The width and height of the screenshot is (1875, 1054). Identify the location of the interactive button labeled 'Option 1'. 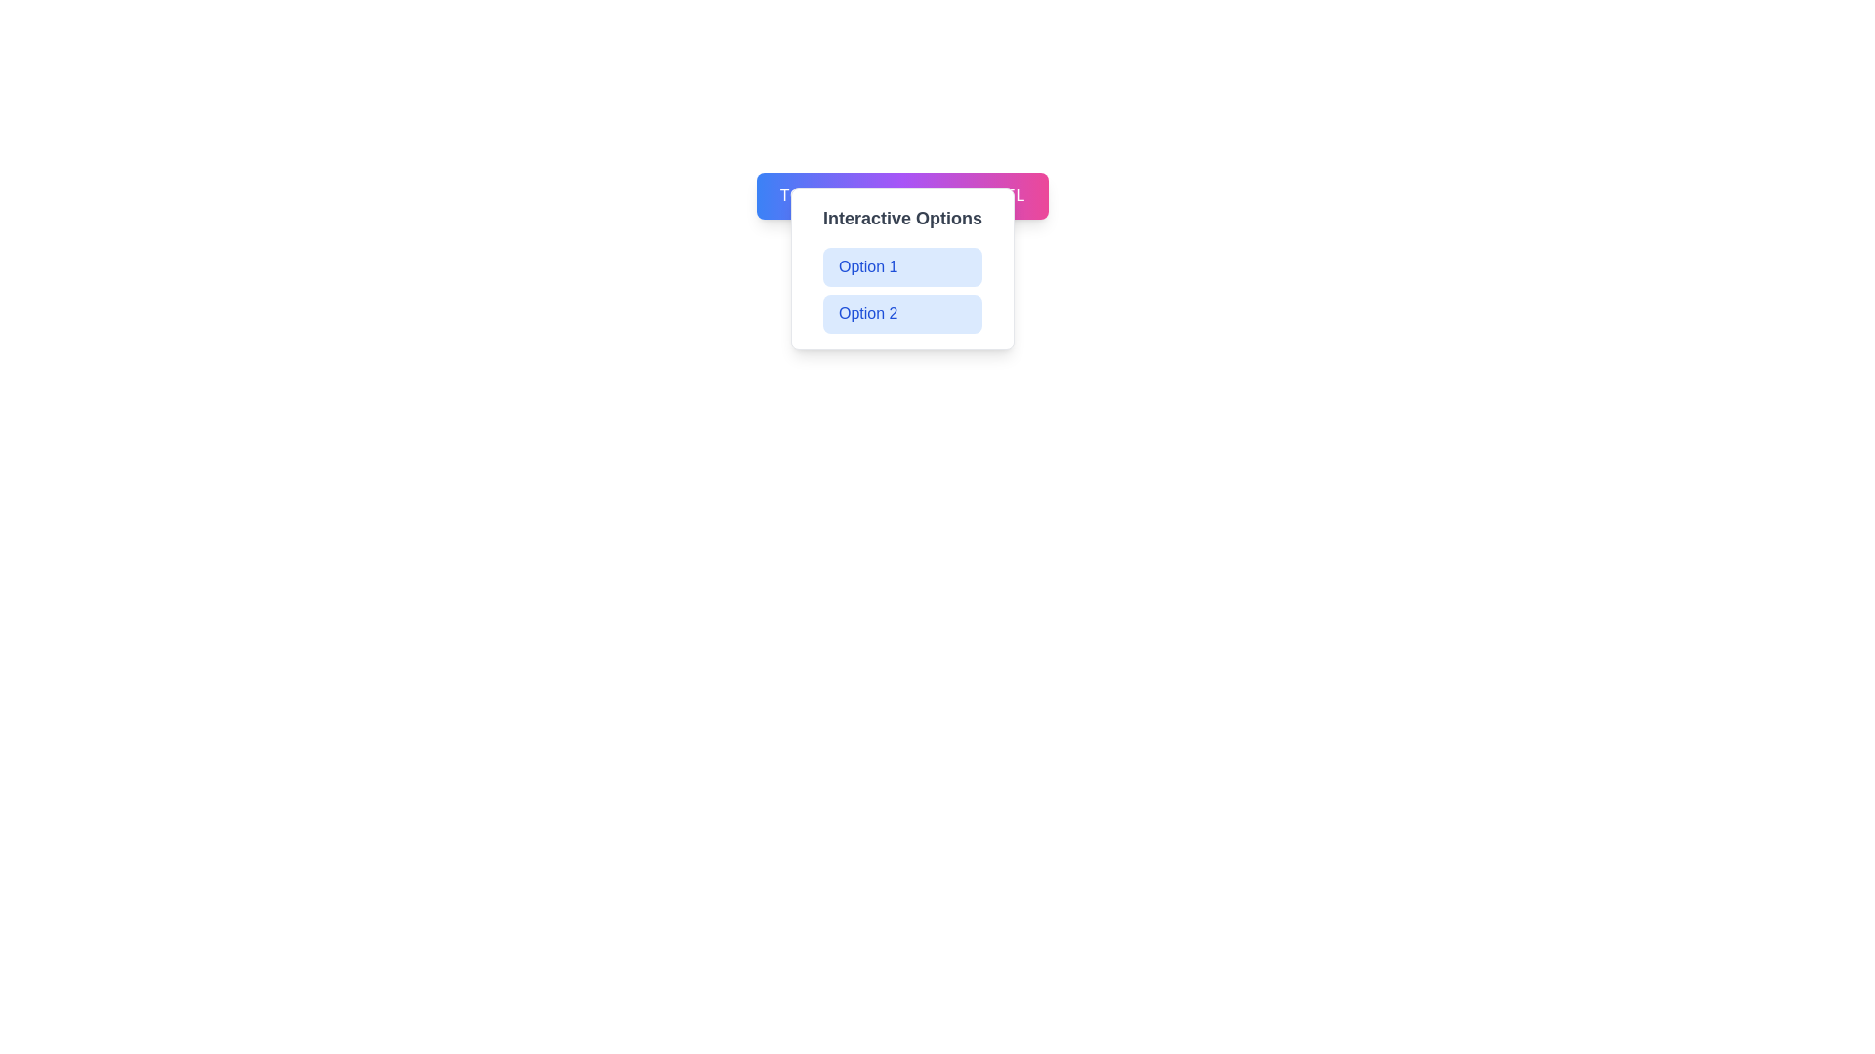
(901, 266).